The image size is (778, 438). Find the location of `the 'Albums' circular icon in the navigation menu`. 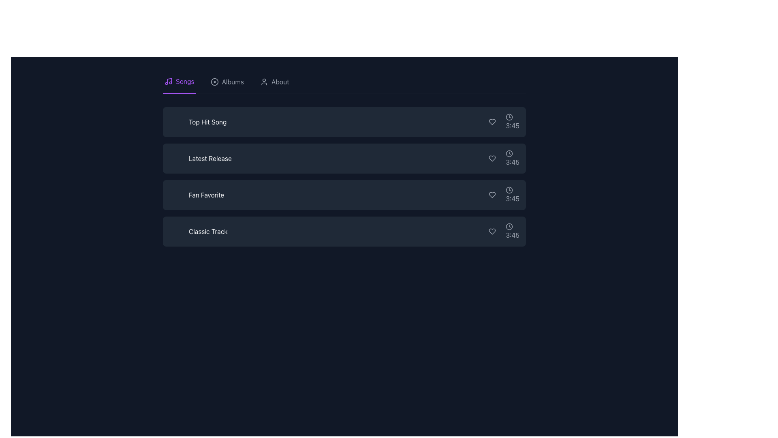

the 'Albums' circular icon in the navigation menu is located at coordinates (214, 82).